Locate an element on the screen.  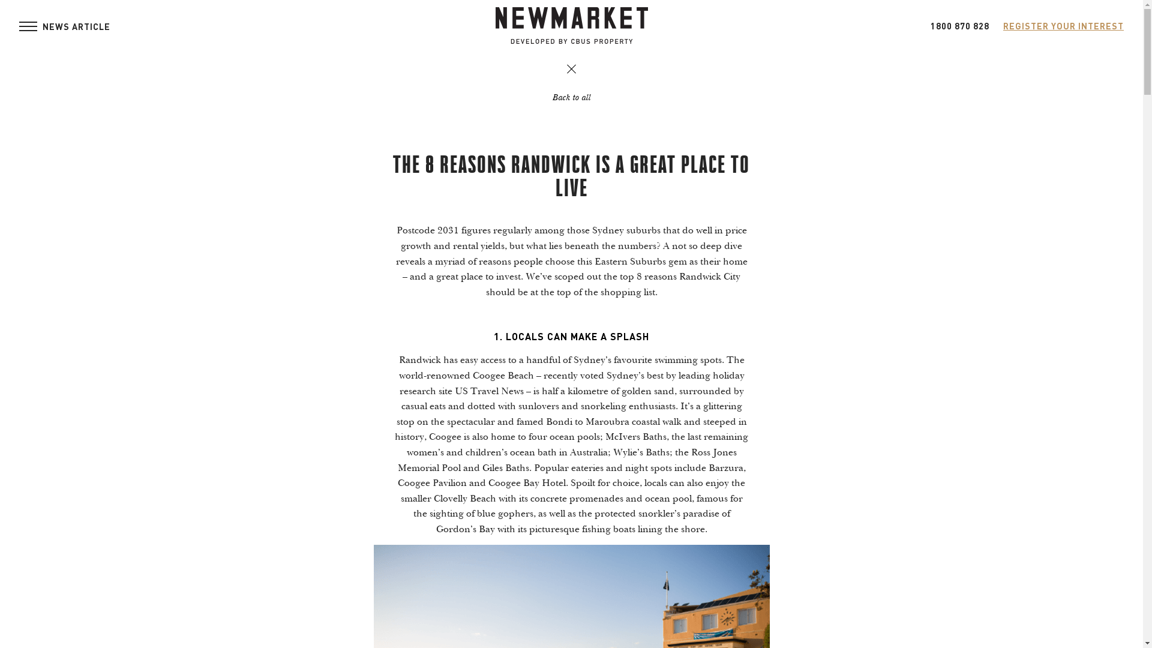
'REGISTER YOUR INTEREST' is located at coordinates (1063, 25).